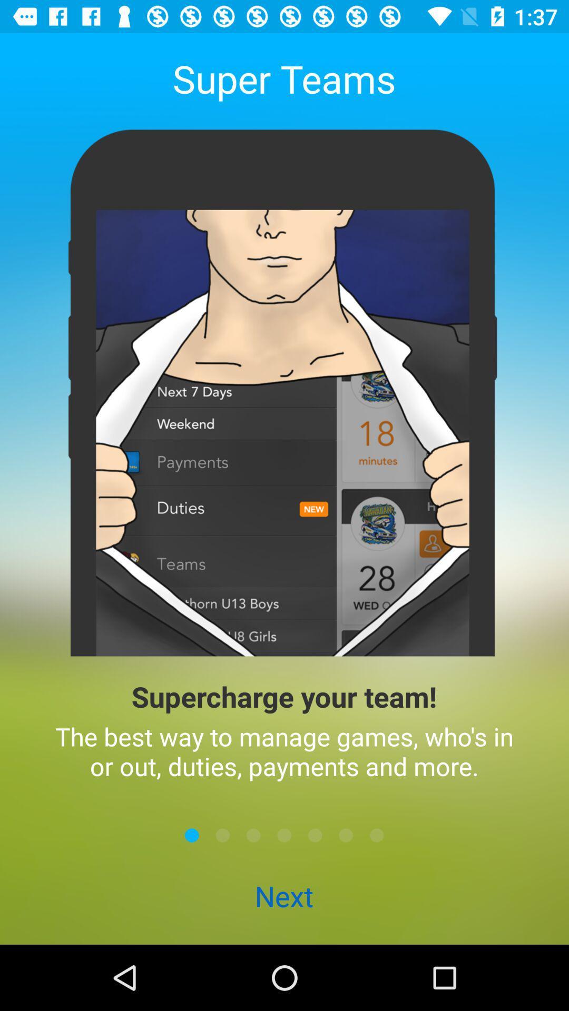  Describe the element at coordinates (284, 835) in the screenshot. I see `move to the middle screen` at that location.